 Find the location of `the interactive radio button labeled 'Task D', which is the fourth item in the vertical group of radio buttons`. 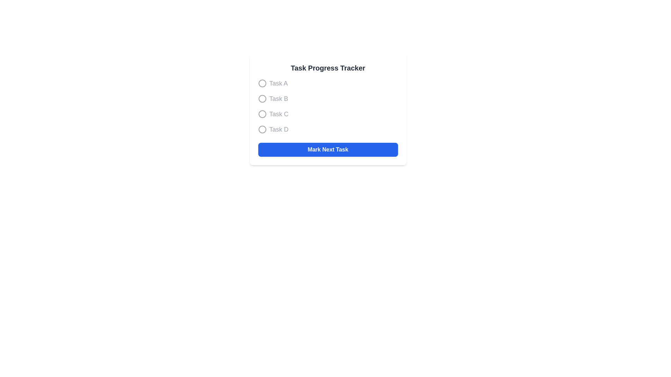

the interactive radio button labeled 'Task D', which is the fourth item in the vertical group of radio buttons is located at coordinates (262, 129).